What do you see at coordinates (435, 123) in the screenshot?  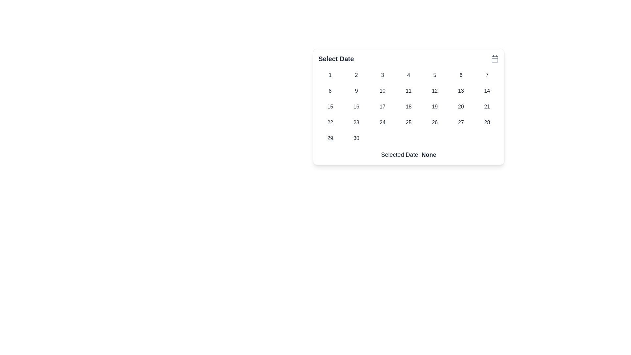 I see `the button representing the date 26 in the calendar interface, located in the fourth row and fifth column of the grid` at bounding box center [435, 123].